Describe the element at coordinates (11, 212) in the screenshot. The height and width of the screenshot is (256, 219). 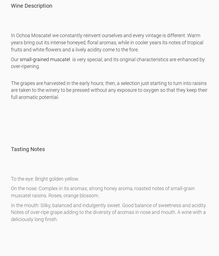
I see `'In the mouth: Silky, balanced and indulgently sweet. Good balance of sweetness and acidity. Notes of over-ripe grape adding to the diversity of aromas in nose and mouth. A wine with a deliciously long finish.'` at that location.